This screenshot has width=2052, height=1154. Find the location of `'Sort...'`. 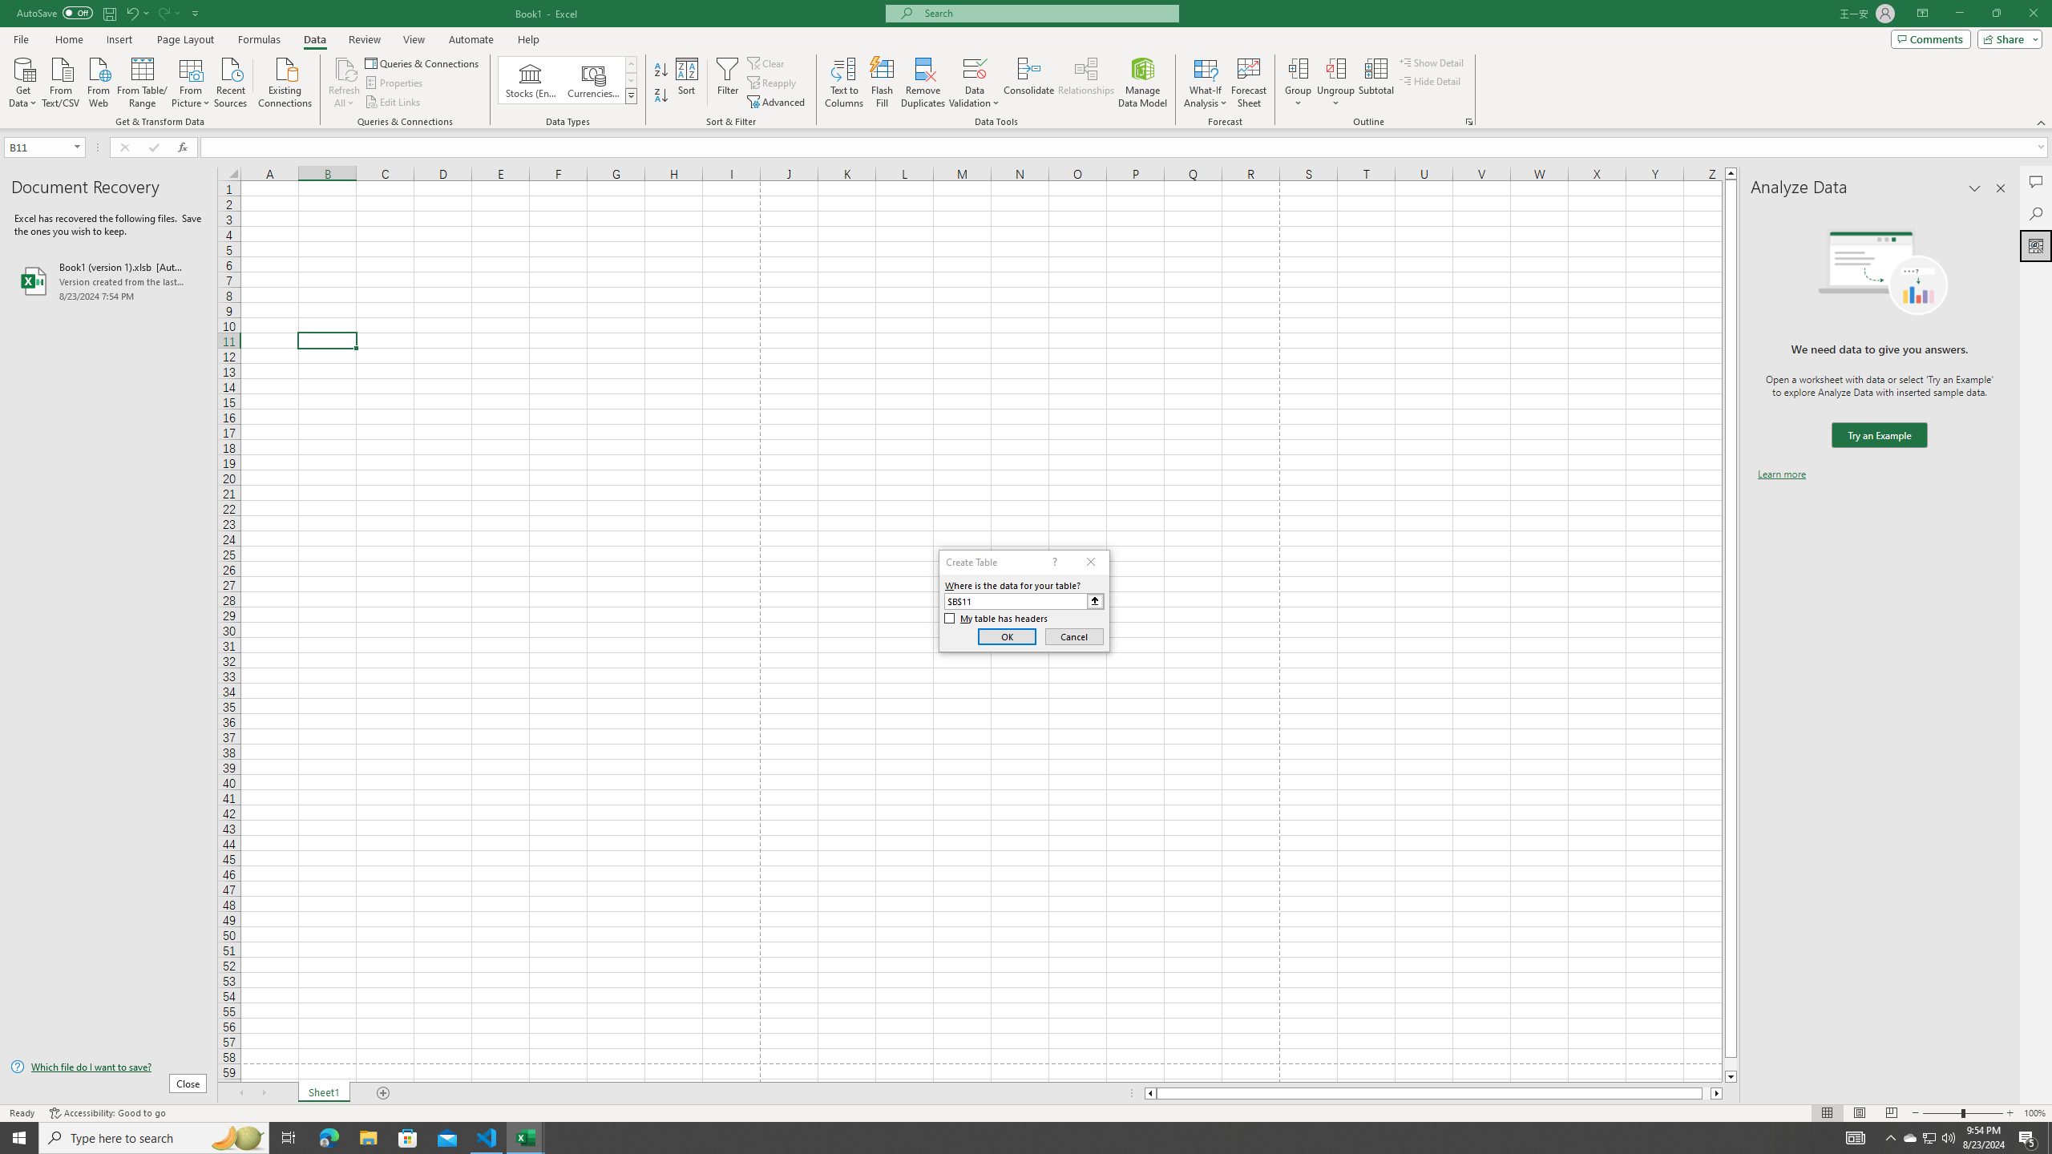

'Sort...' is located at coordinates (686, 83).